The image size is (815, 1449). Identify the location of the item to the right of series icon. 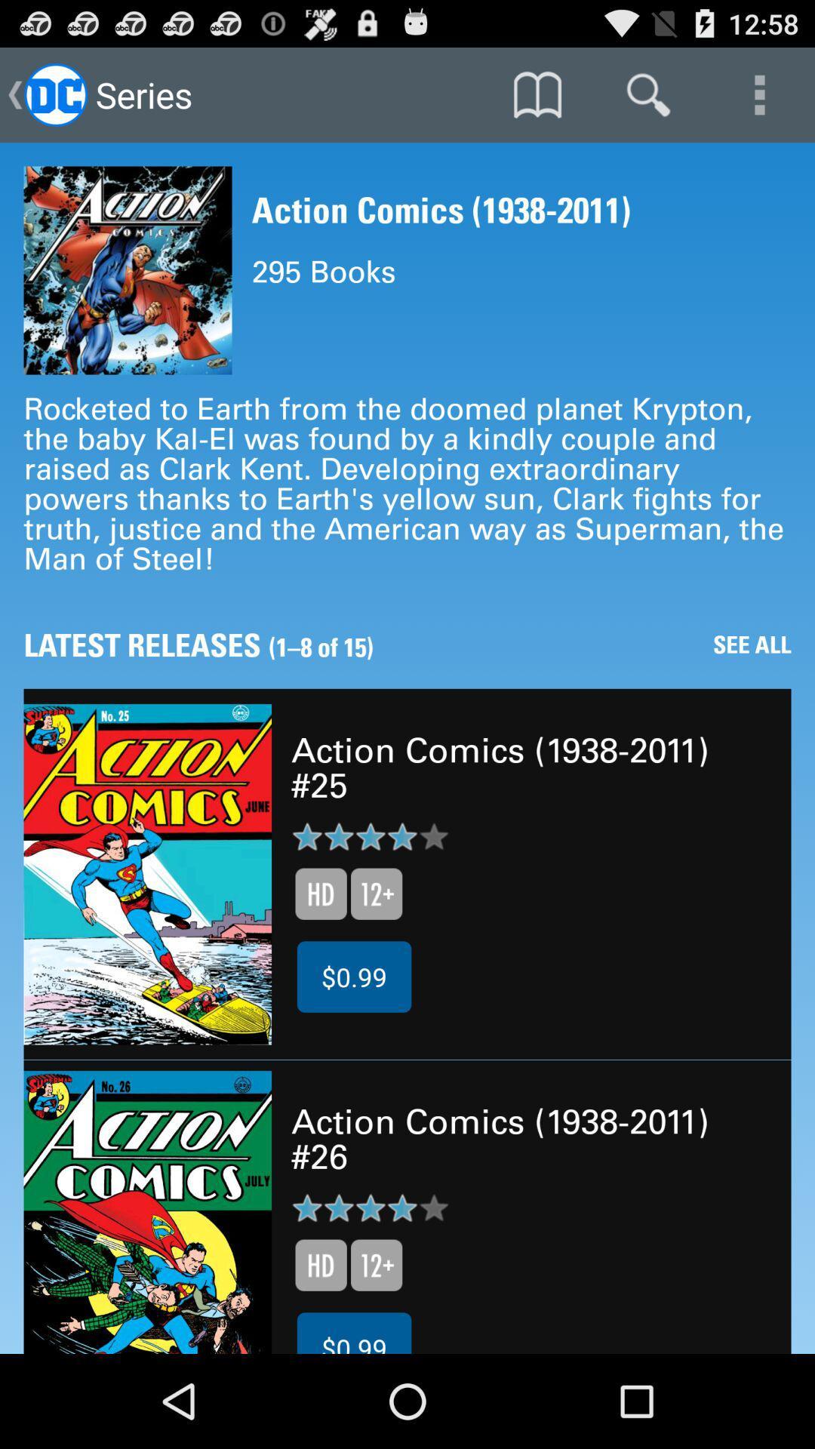
(537, 94).